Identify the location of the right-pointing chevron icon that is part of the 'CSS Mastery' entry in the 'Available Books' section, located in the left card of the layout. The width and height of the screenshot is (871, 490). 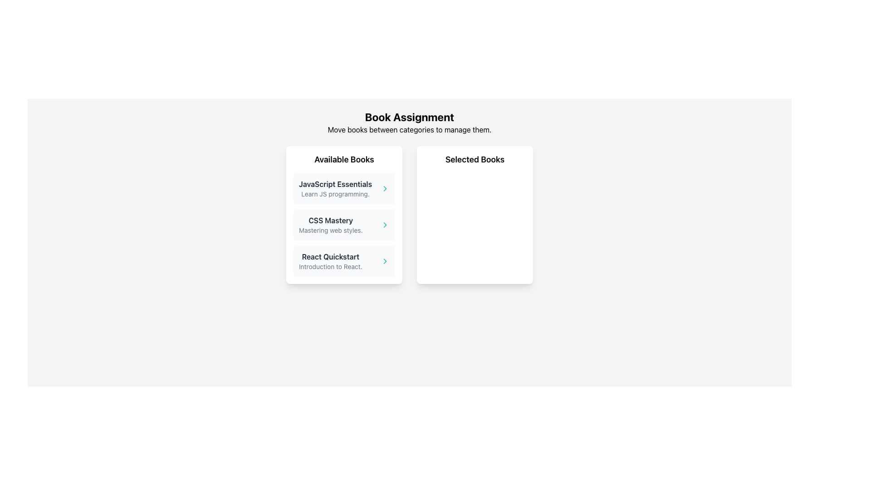
(385, 188).